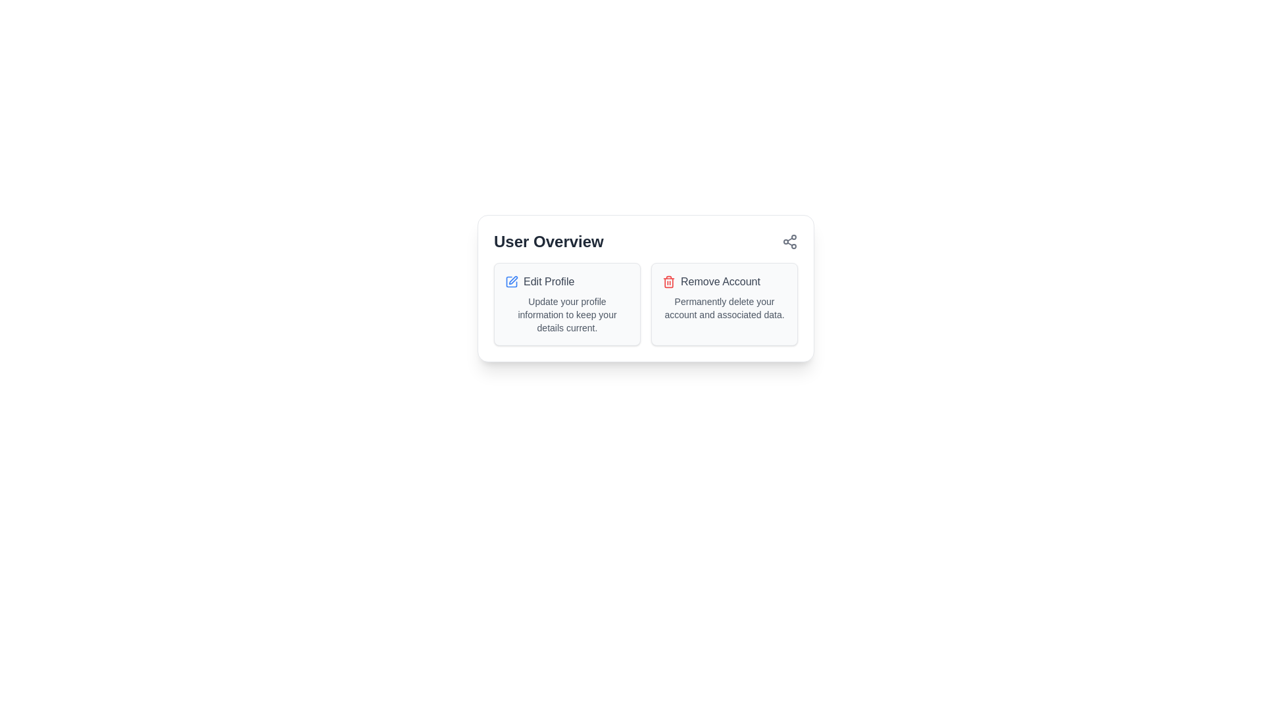  Describe the element at coordinates (567, 281) in the screenshot. I see `the 'Edit Profile' text label, which is adjacent to a blue pen icon, to initiate editing` at that location.